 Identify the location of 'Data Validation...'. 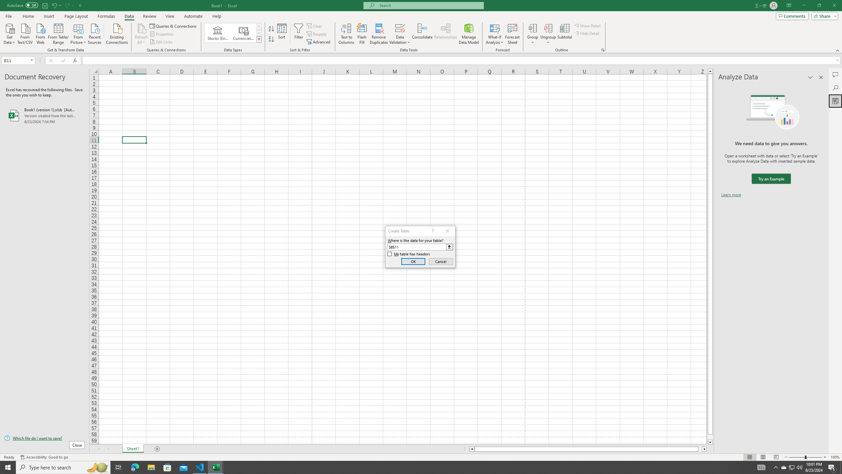
(400, 34).